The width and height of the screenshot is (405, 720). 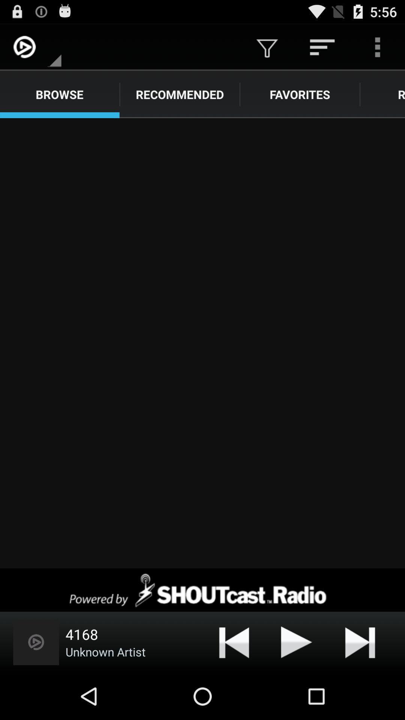 I want to click on skip to next track, so click(x=360, y=642).